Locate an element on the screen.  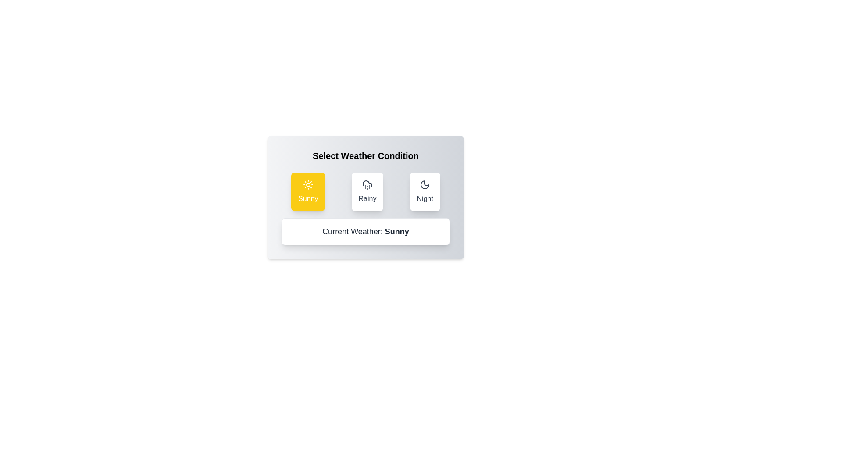
the button representing Rainy to observe the hover effect is located at coordinates (367, 191).